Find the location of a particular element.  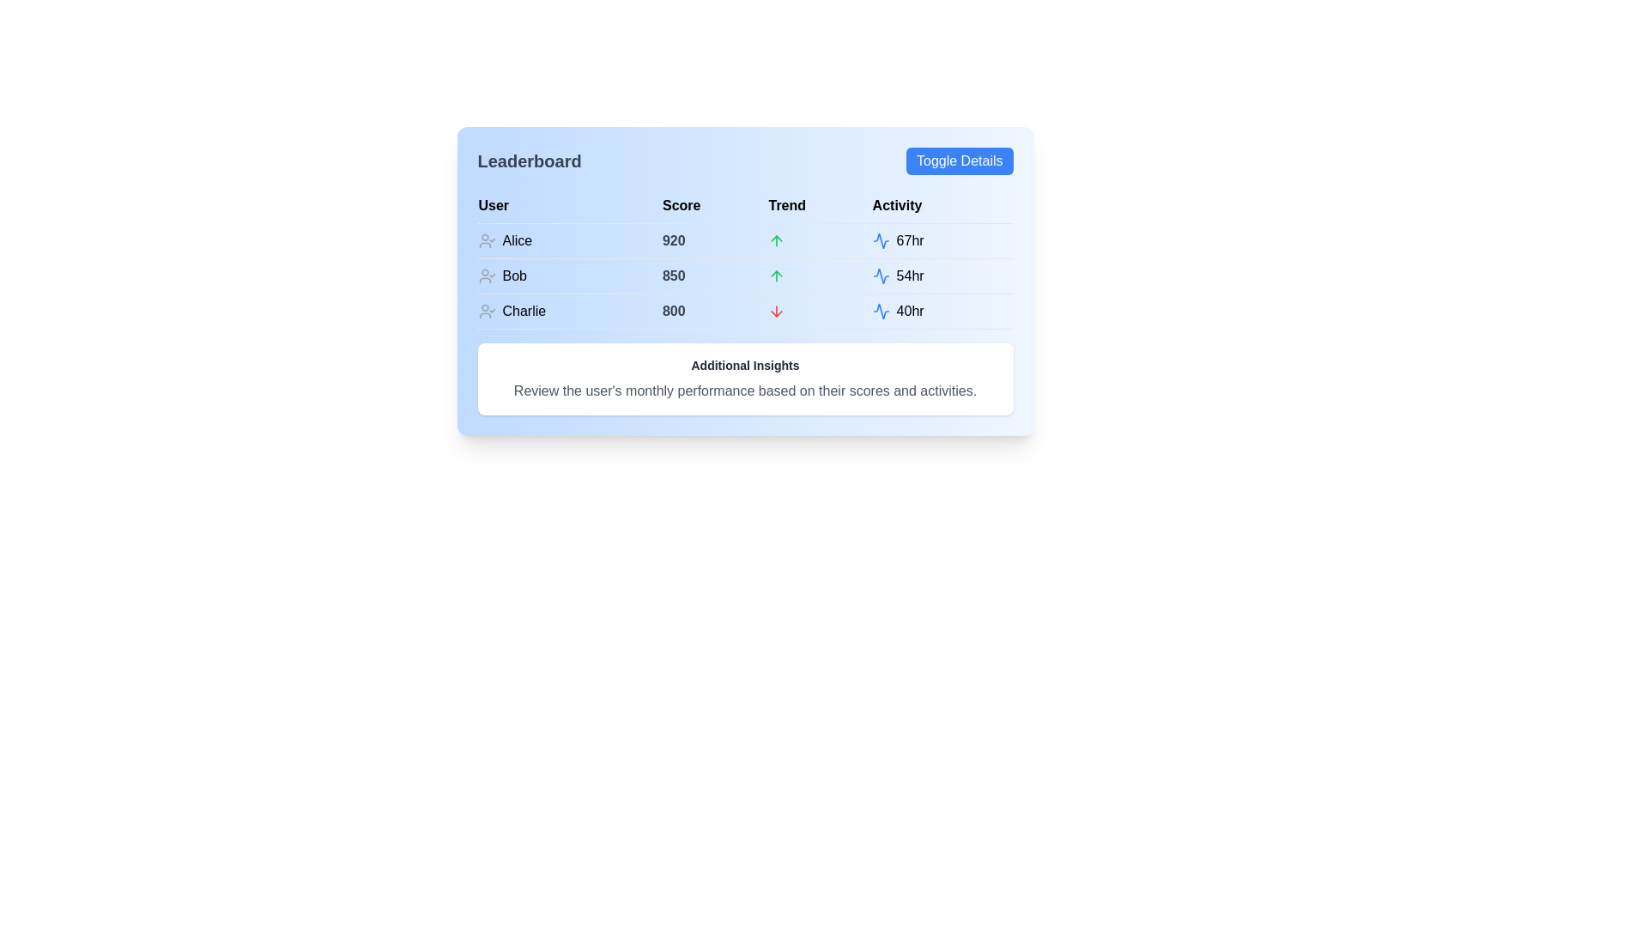

the user identification icon representing 'Alice' in the leaderboard table, indicating confirmation or verification status is located at coordinates (486, 241).